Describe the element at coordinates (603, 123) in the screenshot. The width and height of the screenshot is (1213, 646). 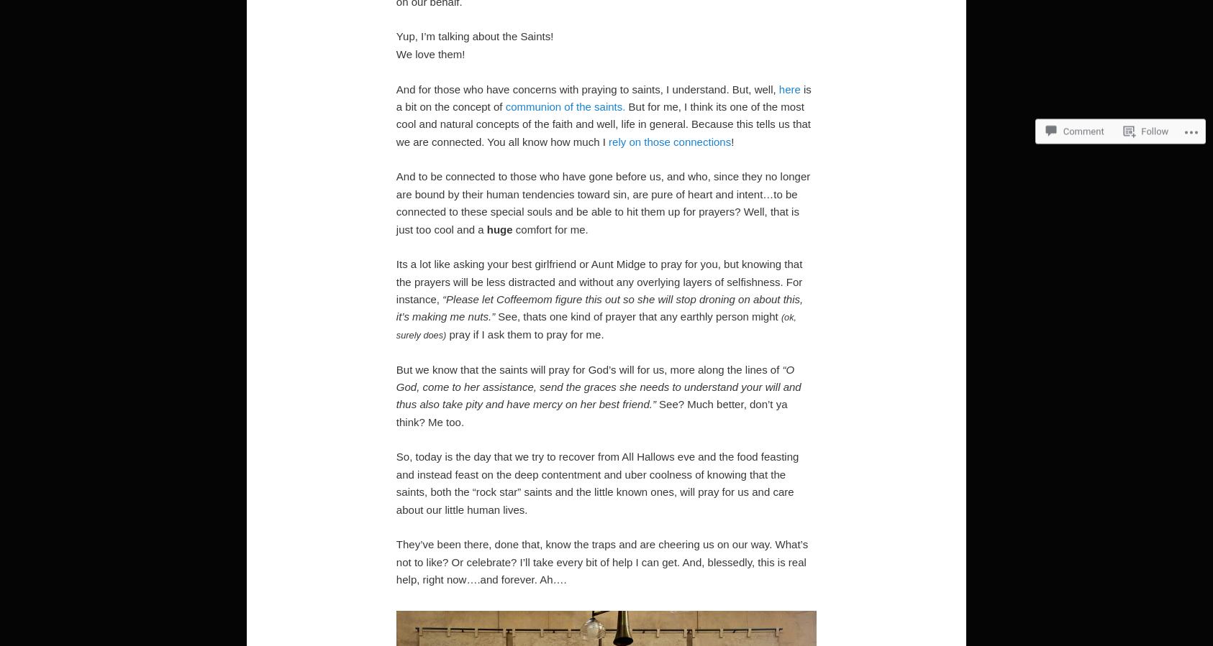
I see `'But for me, I think its one of the most  cool and natural concepts of the faith and well, life in general.  Because this tells us that we are connected.  You all know how much I'` at that location.